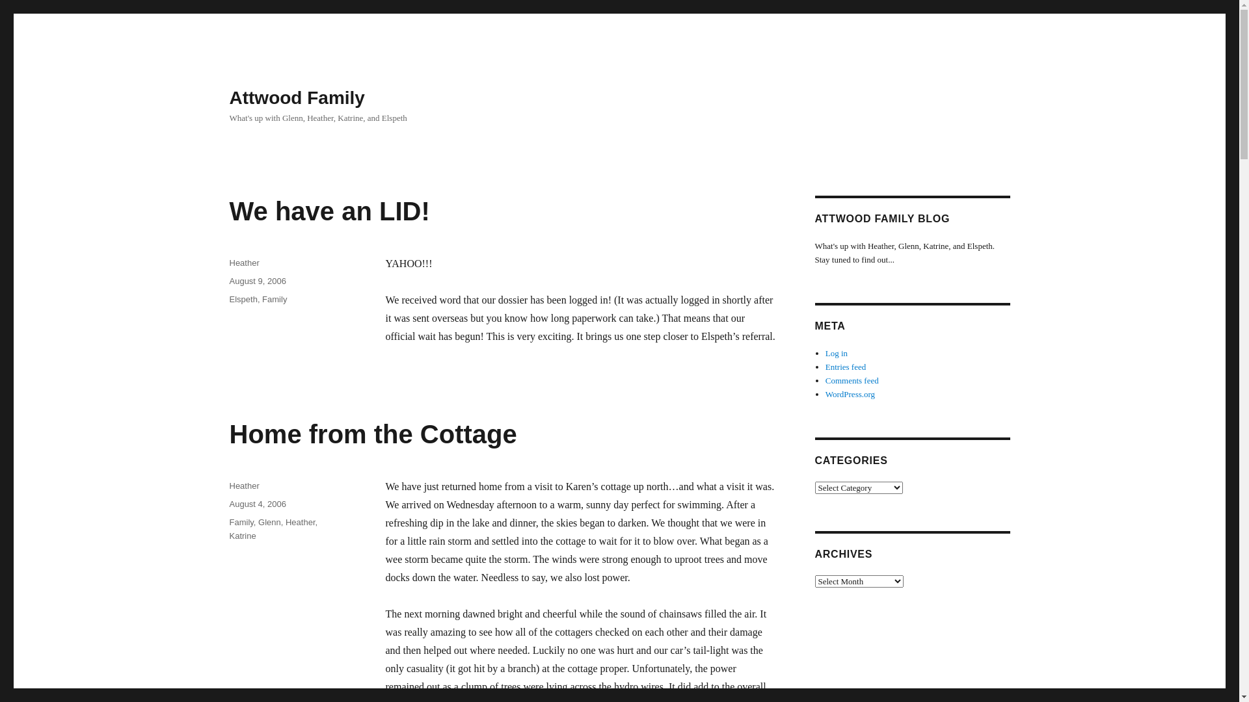 Image resolution: width=1249 pixels, height=702 pixels. Describe the element at coordinates (371, 434) in the screenshot. I see `'Home from the Cottage'` at that location.